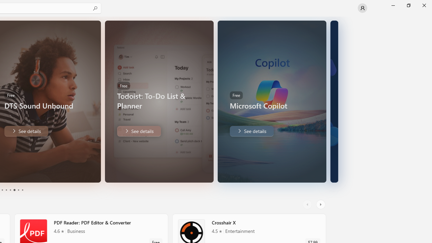 Image resolution: width=432 pixels, height=243 pixels. What do you see at coordinates (2, 190) in the screenshot?
I see `'Page 1'` at bounding box center [2, 190].